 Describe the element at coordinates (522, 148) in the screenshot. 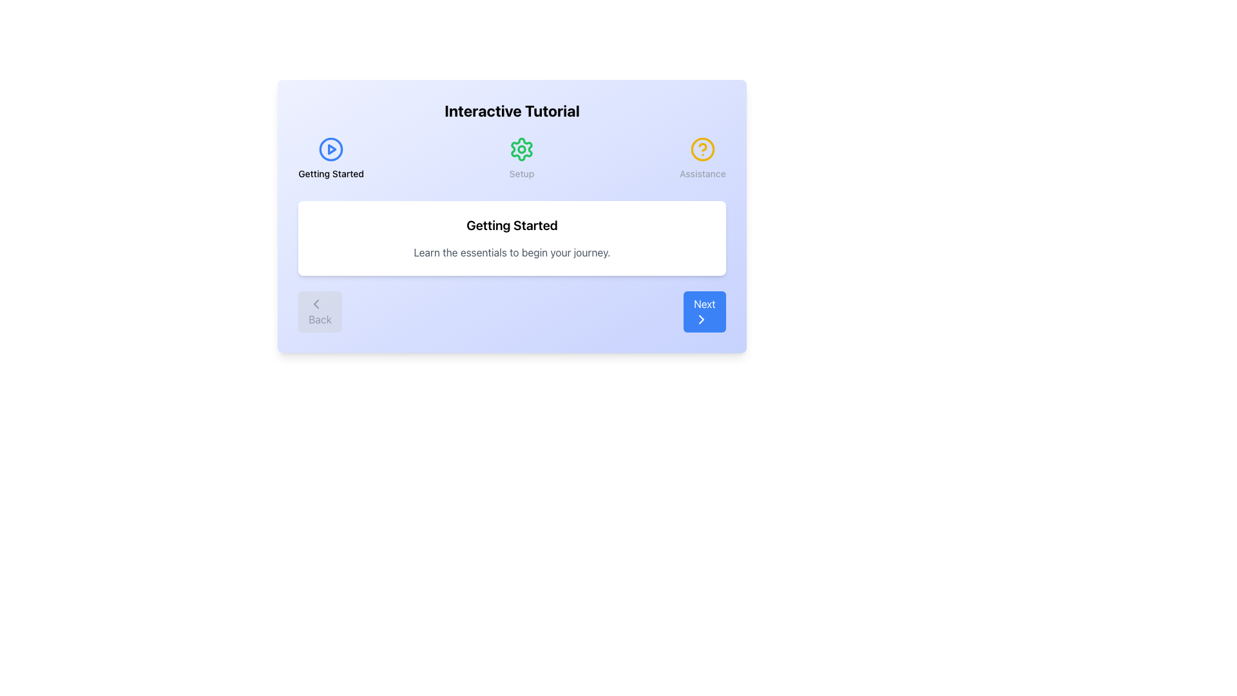

I see `the 'Setup' icon, which is positioned directly above the text 'Setup' and located in the middle of a row bordered by 'Getting Started' and 'Assistance'` at that location.